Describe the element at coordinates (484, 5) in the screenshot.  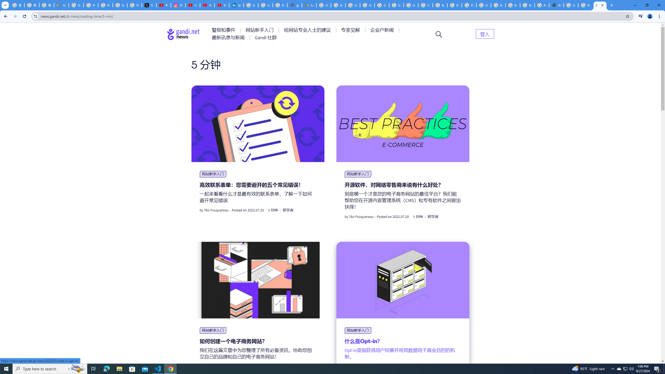
I see `'Google Cloud Platform'` at that location.